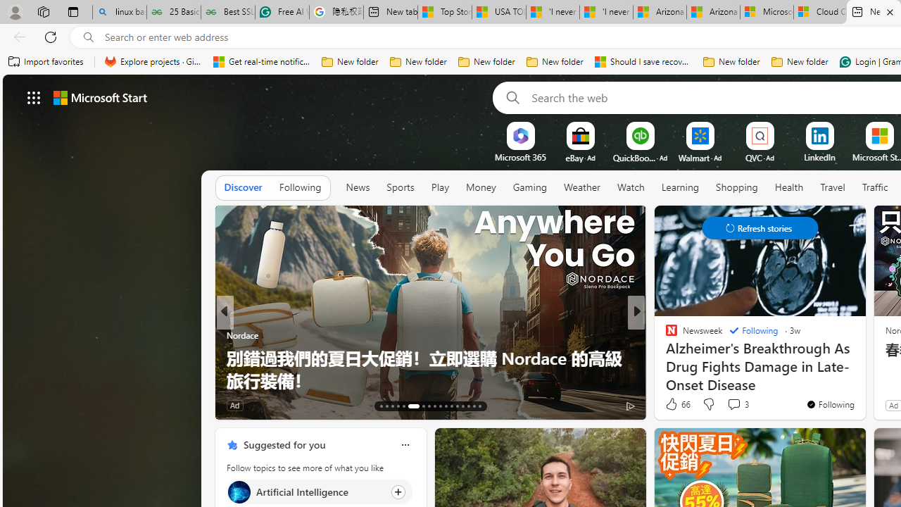 The height and width of the screenshot is (507, 901). I want to click on 'The Weather Channel', so click(664, 334).